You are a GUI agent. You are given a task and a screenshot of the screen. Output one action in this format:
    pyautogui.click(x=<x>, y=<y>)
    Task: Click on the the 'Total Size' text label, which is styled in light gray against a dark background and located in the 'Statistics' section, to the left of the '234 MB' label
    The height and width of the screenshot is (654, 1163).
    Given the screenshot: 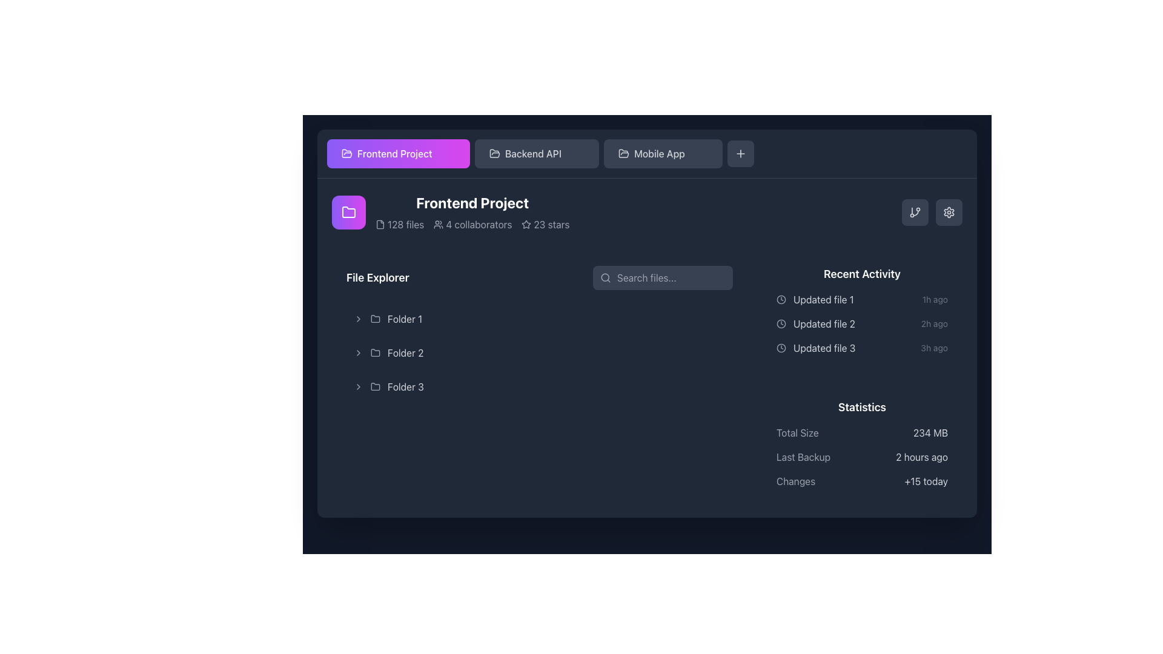 What is the action you would take?
    pyautogui.click(x=797, y=432)
    